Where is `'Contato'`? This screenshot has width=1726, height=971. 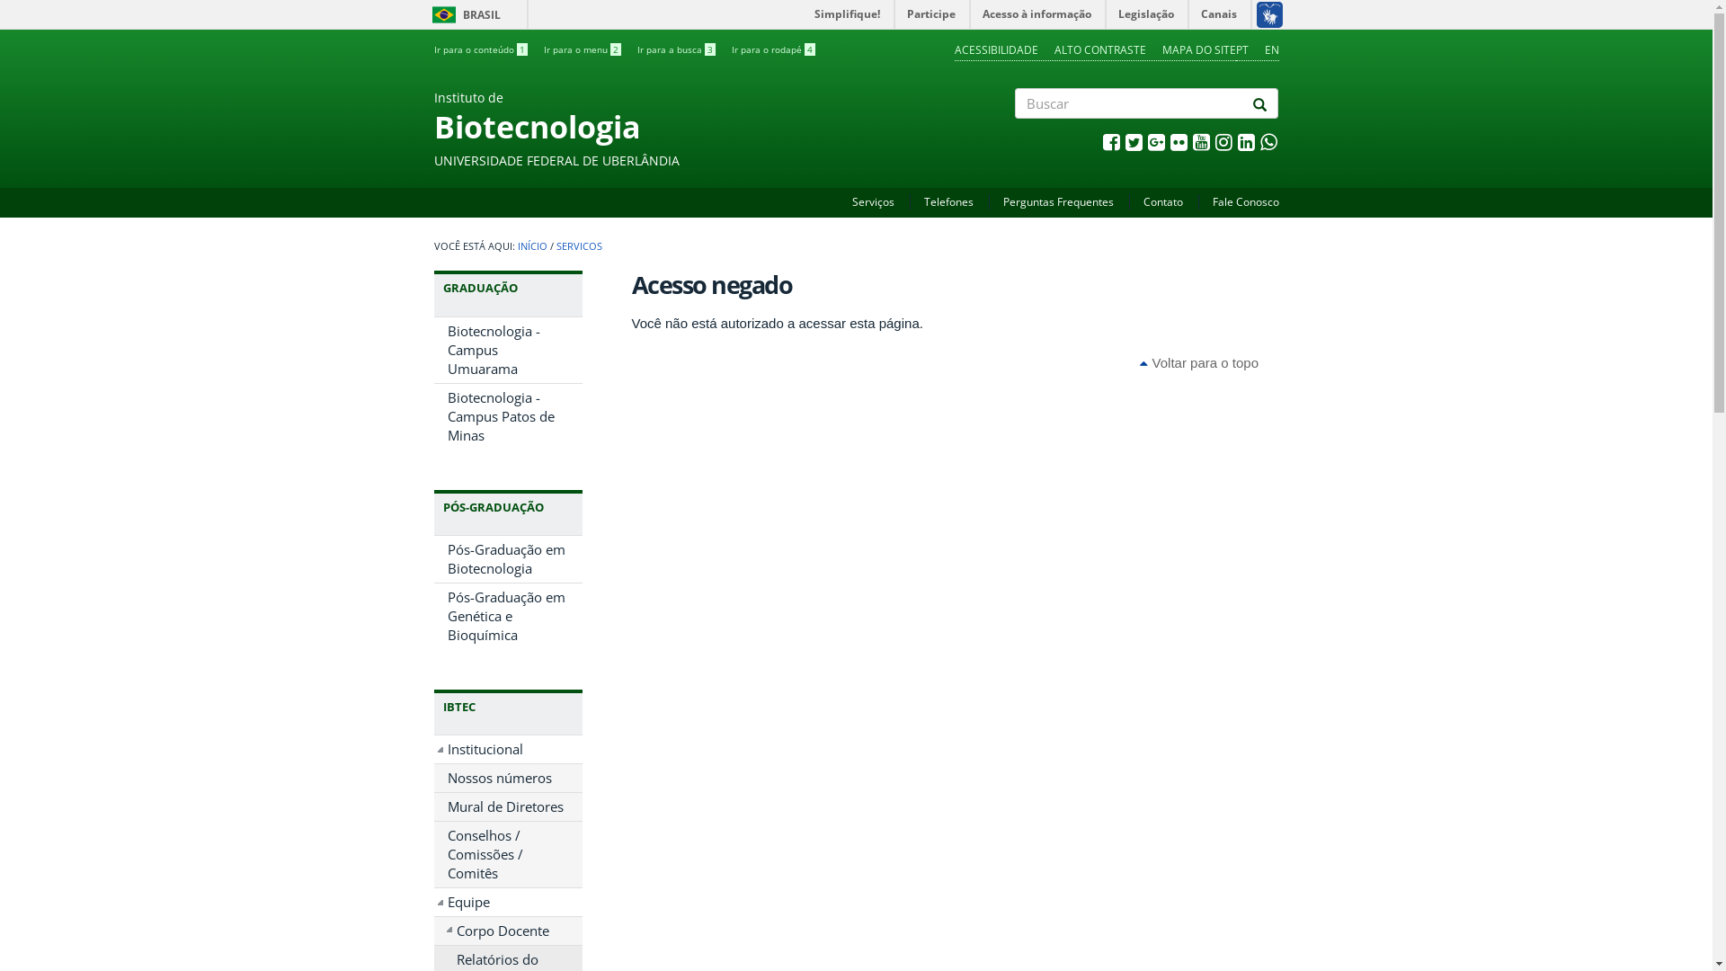 'Contato' is located at coordinates (1163, 201).